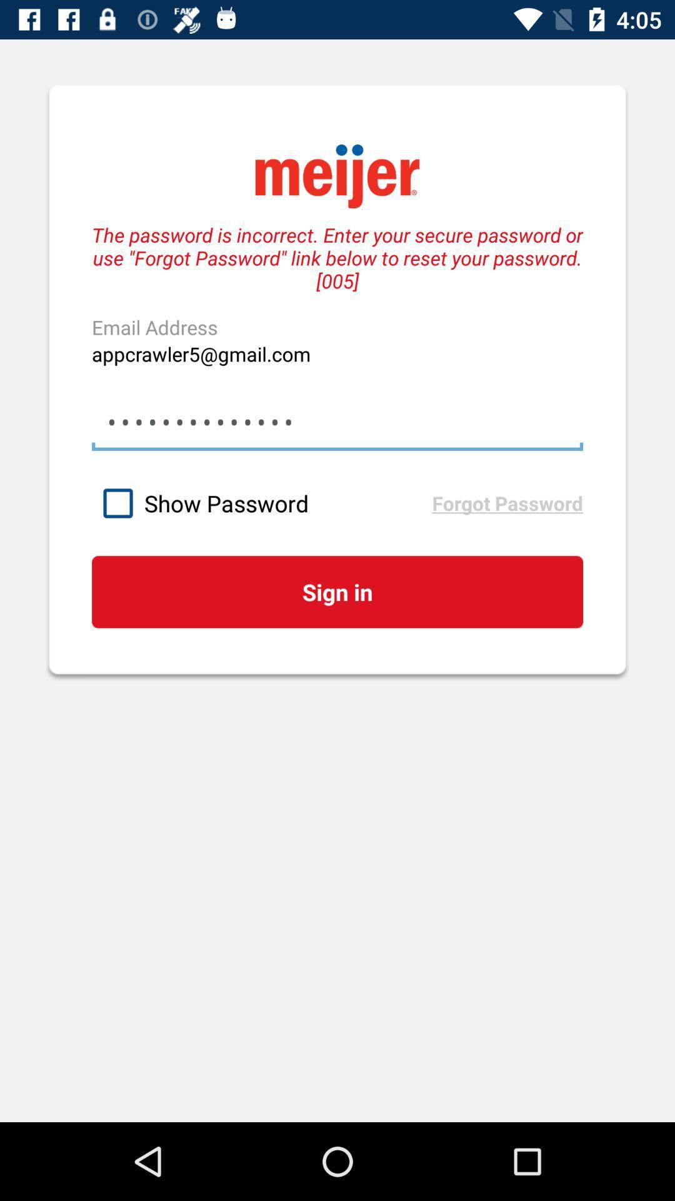 The width and height of the screenshot is (675, 1201). What do you see at coordinates (337, 422) in the screenshot?
I see `icon above show password` at bounding box center [337, 422].